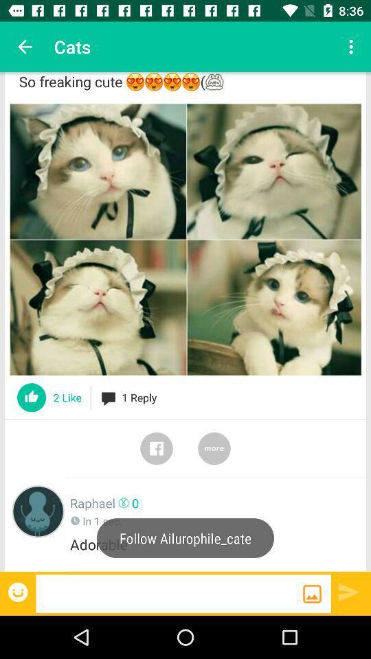 The image size is (371, 659). Describe the element at coordinates (349, 591) in the screenshot. I see `send button` at that location.